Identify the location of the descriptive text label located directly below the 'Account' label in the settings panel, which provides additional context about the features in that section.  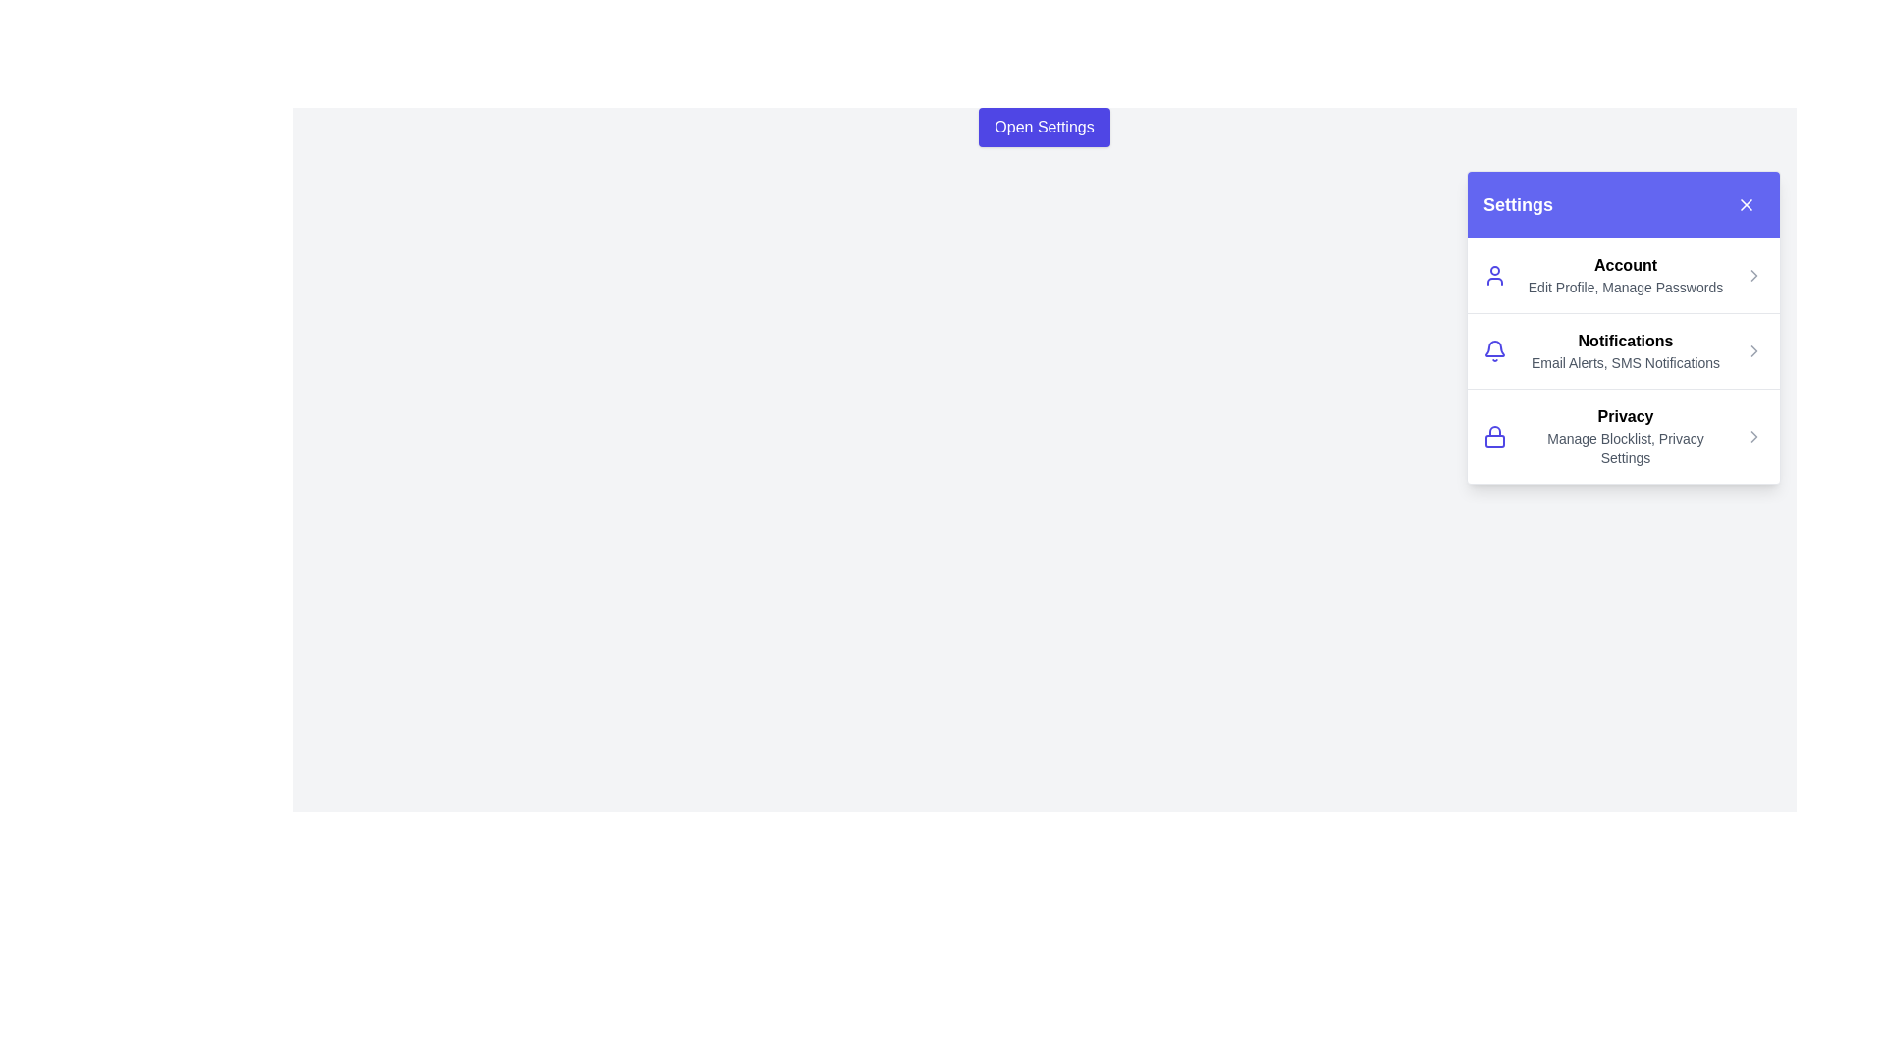
(1626, 288).